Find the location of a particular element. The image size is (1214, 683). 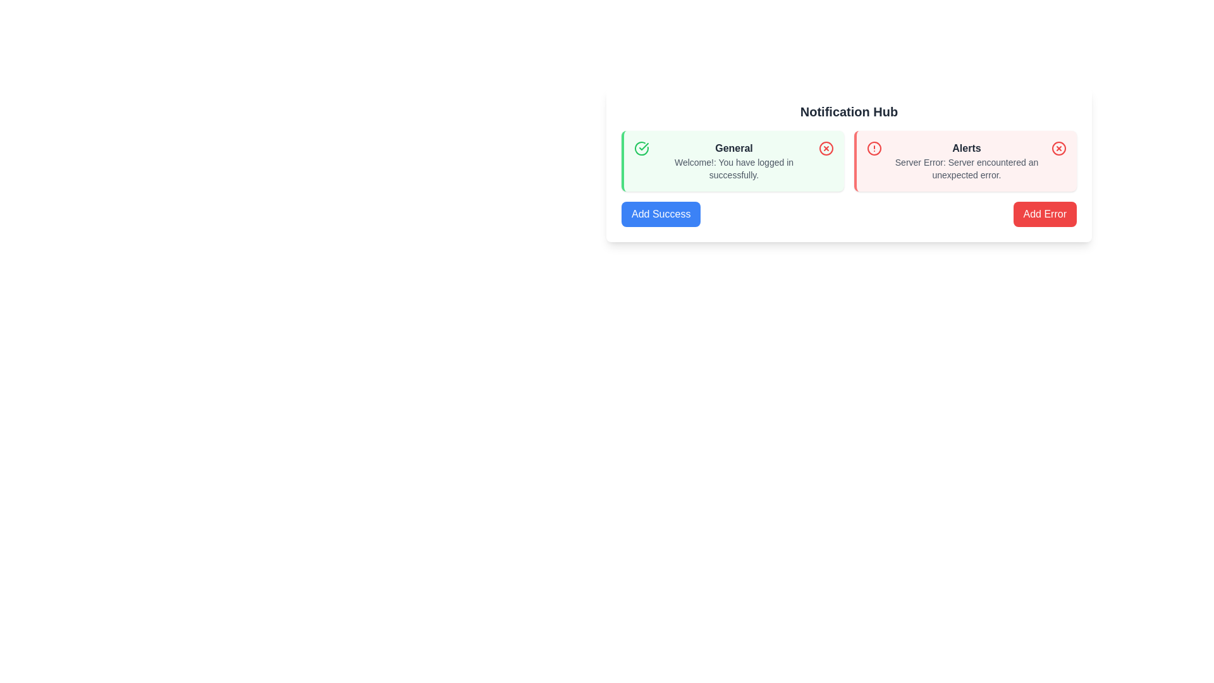

the grid layout containing notification cards, which includes a green section labeled 'General' with a success message and a pink section labeled 'Alerts' with an error message is located at coordinates (849, 160).